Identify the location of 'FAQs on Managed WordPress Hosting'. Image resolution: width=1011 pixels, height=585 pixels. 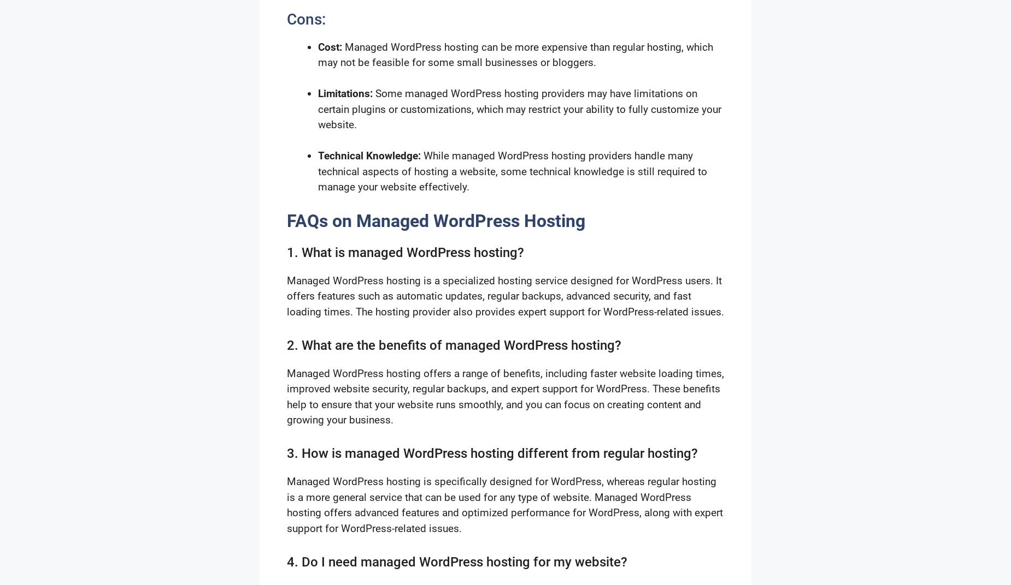
(436, 220).